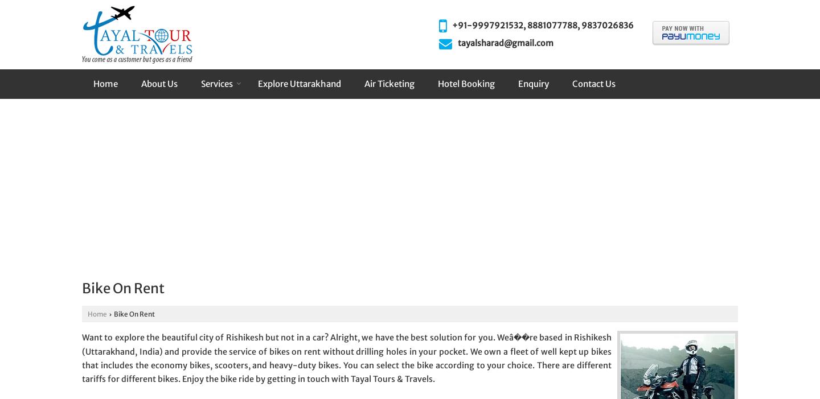 This screenshot has width=820, height=399. What do you see at coordinates (389, 83) in the screenshot?
I see `'Air Ticketing'` at bounding box center [389, 83].